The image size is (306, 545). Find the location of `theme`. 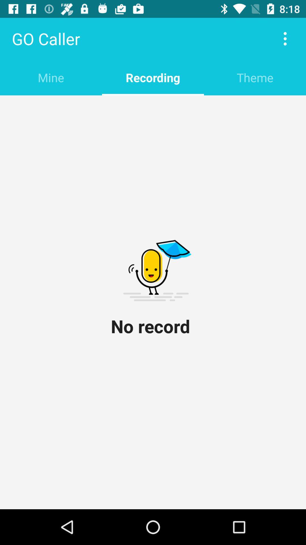

theme is located at coordinates (254, 77).